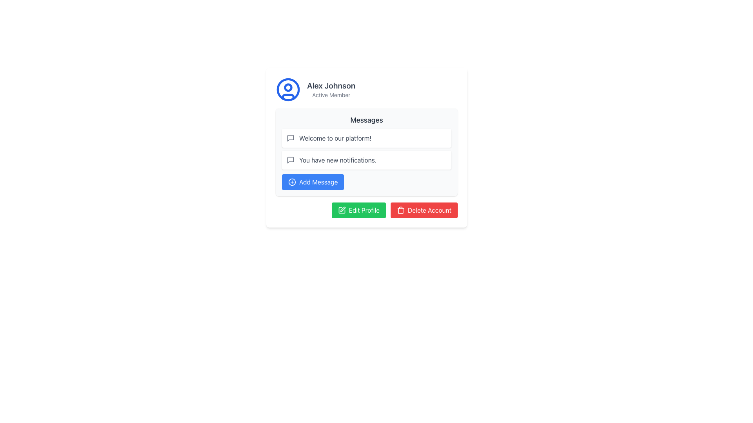 Image resolution: width=753 pixels, height=423 pixels. I want to click on the text label or heading that serves as a title for messages, located near the top of a white card section, centered in the interface, so click(366, 120).